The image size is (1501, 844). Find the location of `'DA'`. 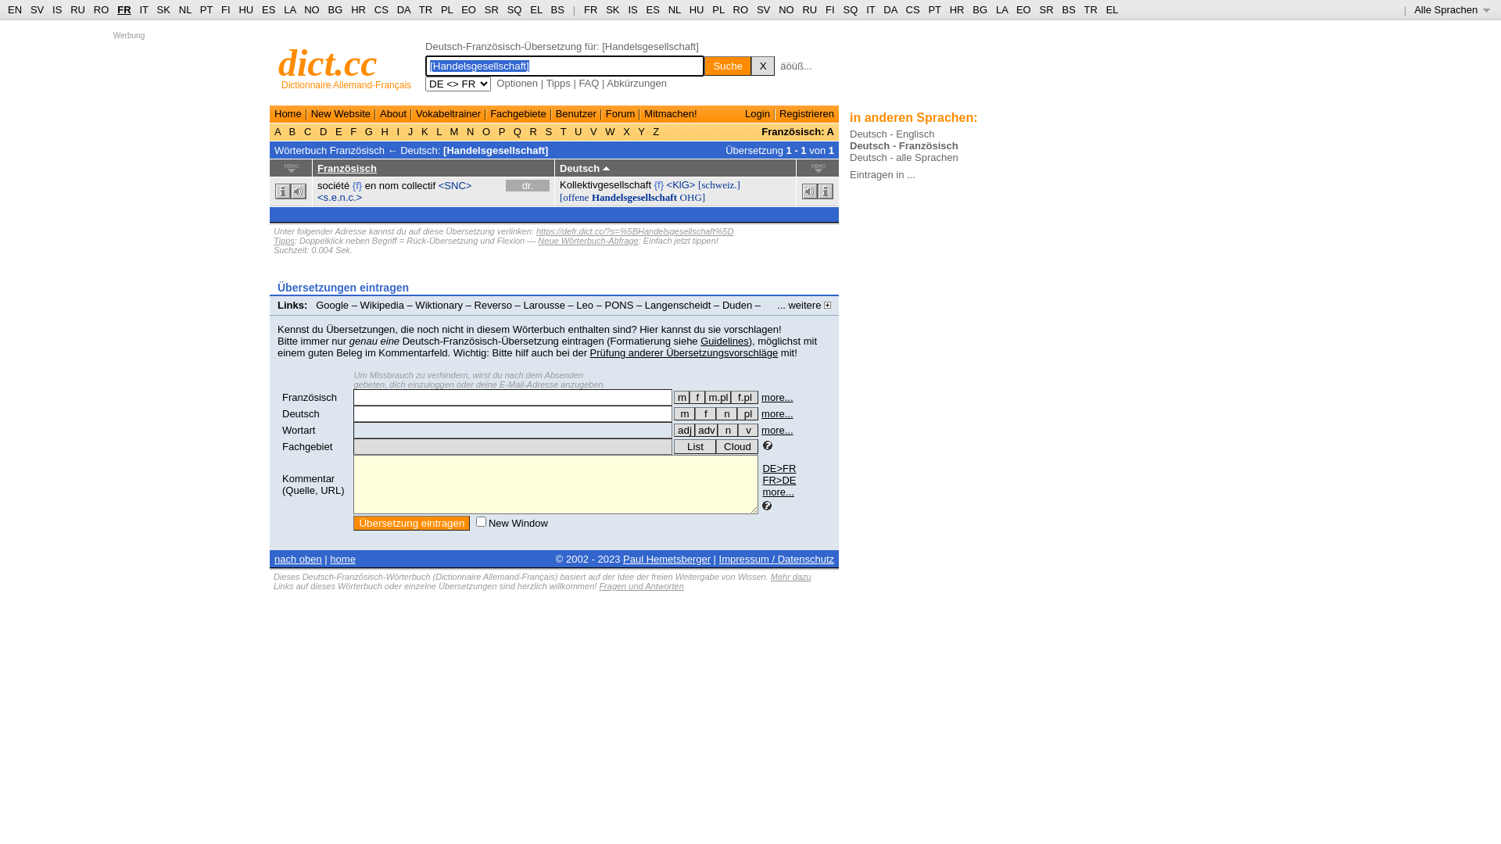

'DA' is located at coordinates (403, 9).